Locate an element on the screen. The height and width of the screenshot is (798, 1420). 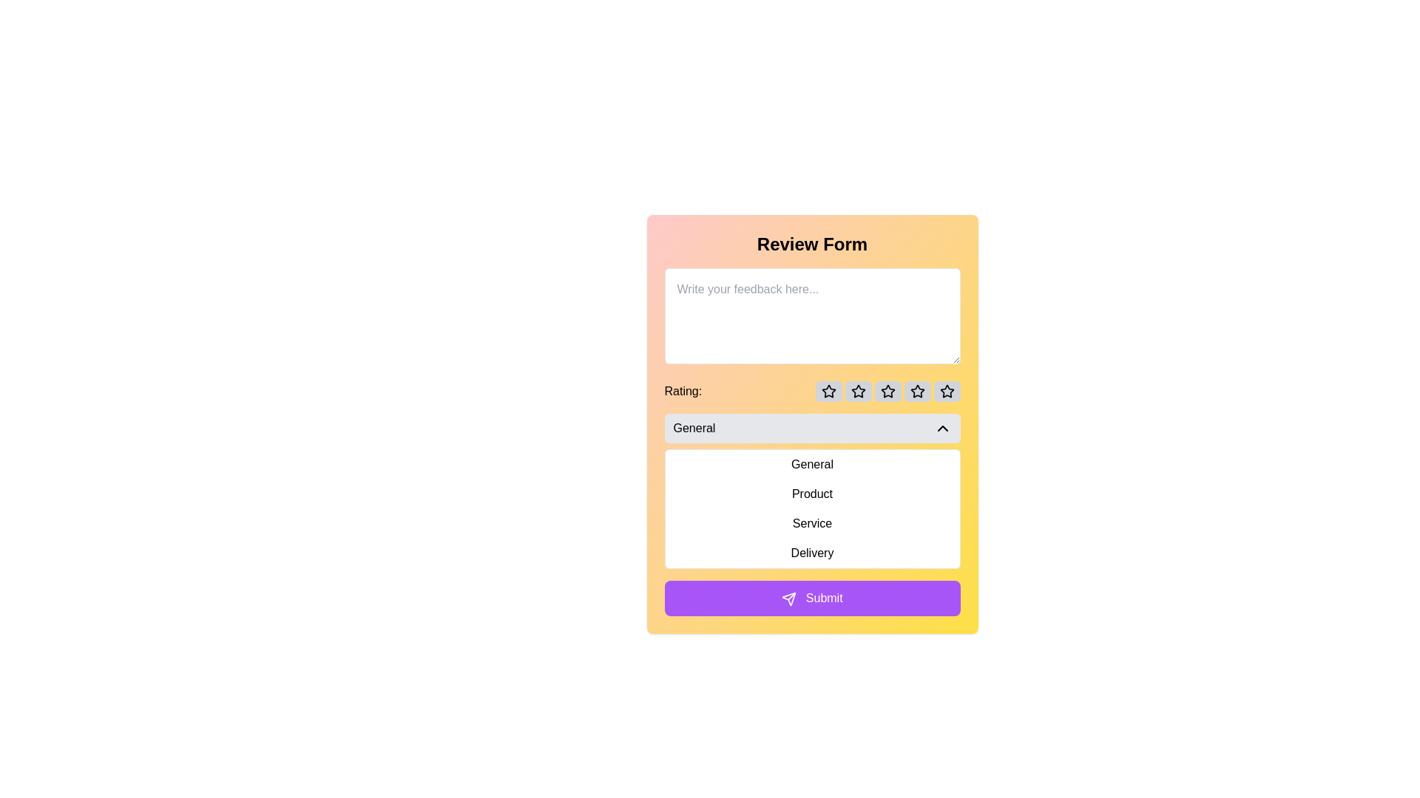
the fourth star icon in the rating section is located at coordinates (887, 390).